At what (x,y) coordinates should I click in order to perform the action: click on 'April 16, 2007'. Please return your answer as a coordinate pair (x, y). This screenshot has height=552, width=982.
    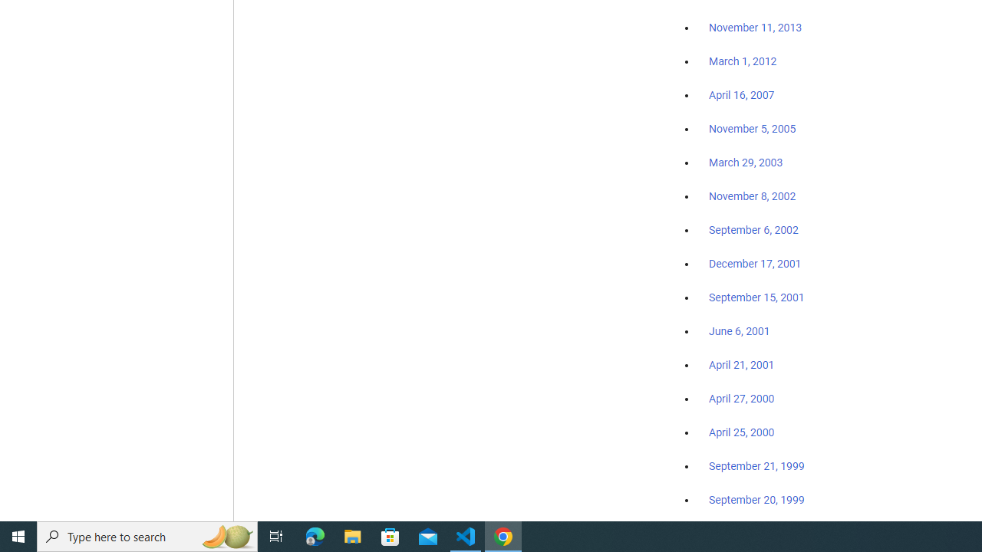
    Looking at the image, I should click on (742, 95).